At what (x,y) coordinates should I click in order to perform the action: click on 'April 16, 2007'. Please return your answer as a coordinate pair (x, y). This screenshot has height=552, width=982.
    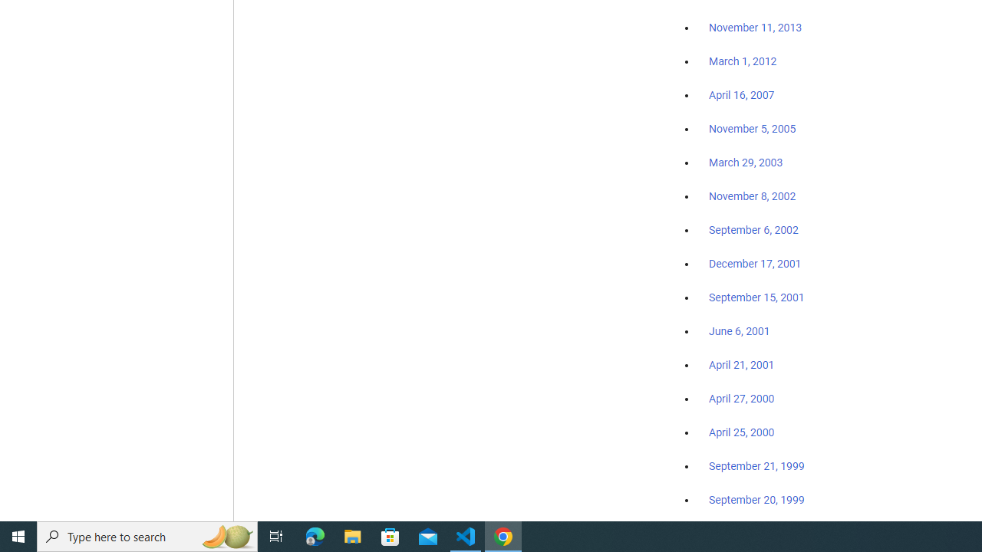
    Looking at the image, I should click on (742, 95).